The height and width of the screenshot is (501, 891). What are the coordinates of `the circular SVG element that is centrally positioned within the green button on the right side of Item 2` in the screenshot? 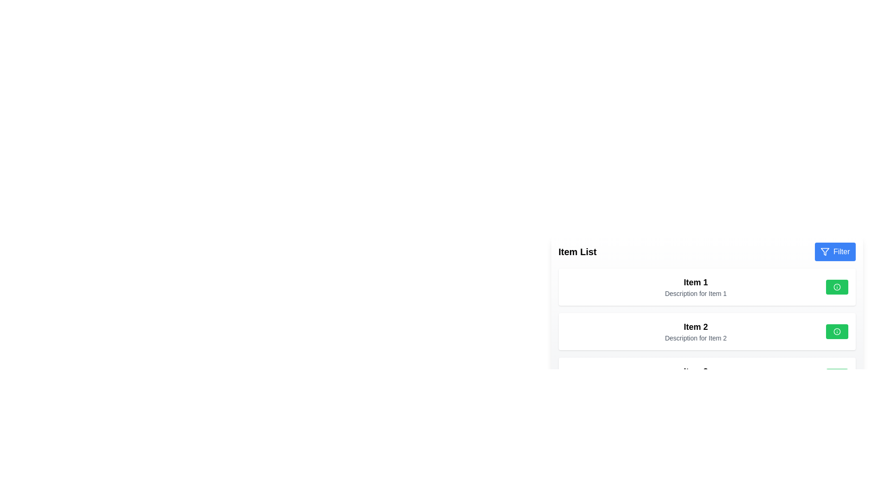 It's located at (837, 376).